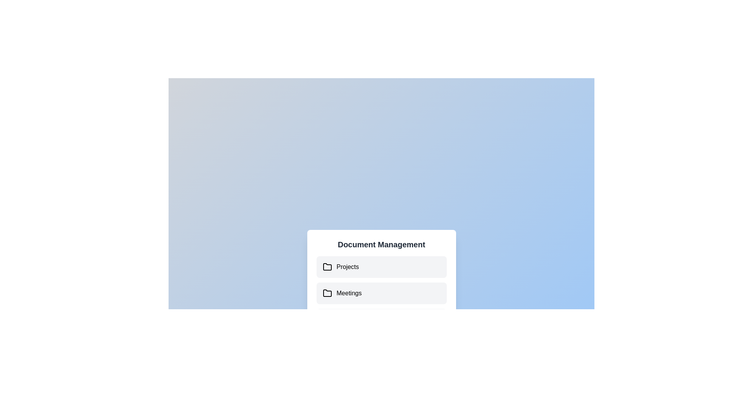  What do you see at coordinates (381, 267) in the screenshot?
I see `the document 'Meeting Notes.docx' under the folder 'Projects'` at bounding box center [381, 267].